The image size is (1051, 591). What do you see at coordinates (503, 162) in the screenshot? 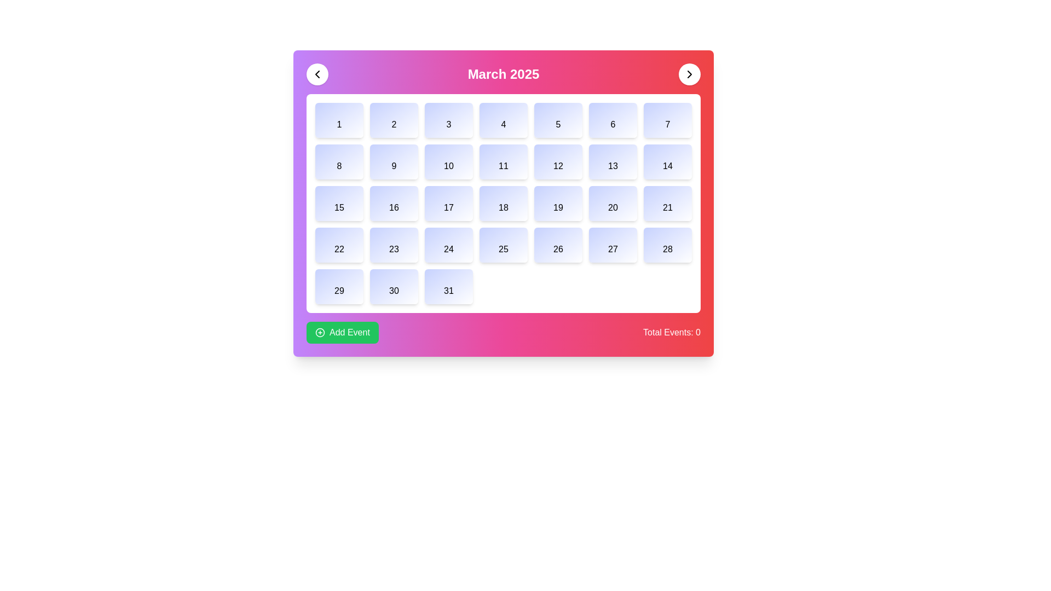
I see `the calendar day box representing the 11th in the second row and fourth column of the calendar grid` at bounding box center [503, 162].